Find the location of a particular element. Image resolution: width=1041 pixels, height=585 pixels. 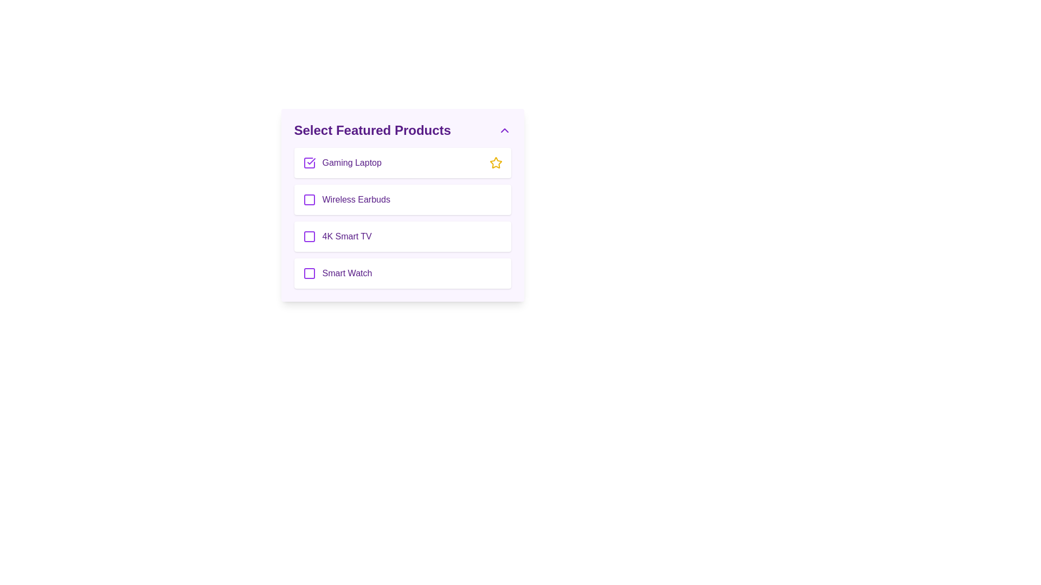

the 'Smart Watch' text label, which is displayed in purple with a medium font weight, positioned to the right of the checkbox icon in the fourth item of the list is located at coordinates (347, 273).